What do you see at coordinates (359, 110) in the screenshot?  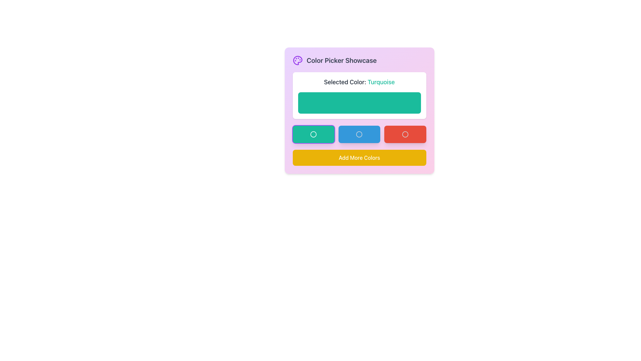 I see `the text or interactive subelements within the color display section of the color selection interface located beneath the 'Color Picker Showcase' header` at bounding box center [359, 110].